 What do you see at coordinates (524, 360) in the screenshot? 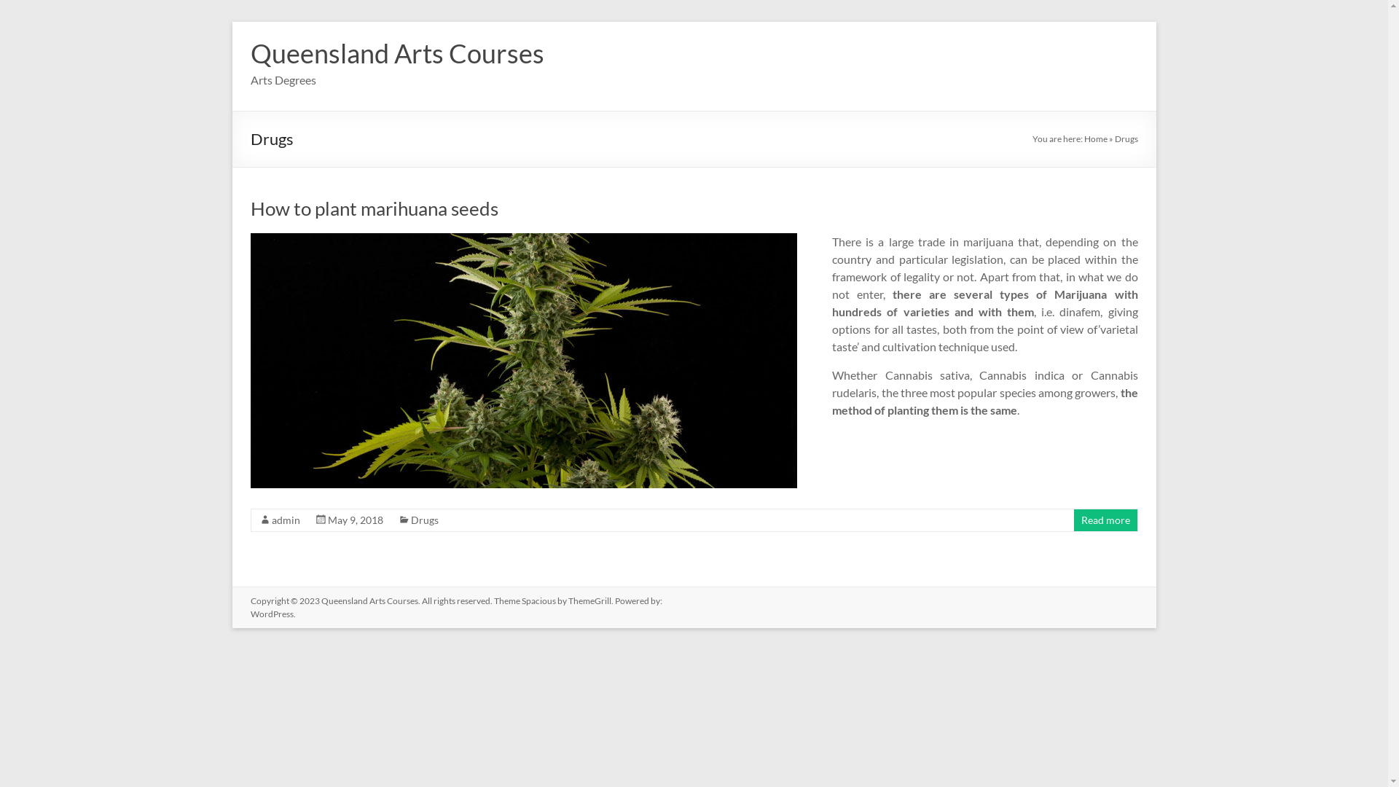
I see `'How to plant marihuana seeds'` at bounding box center [524, 360].